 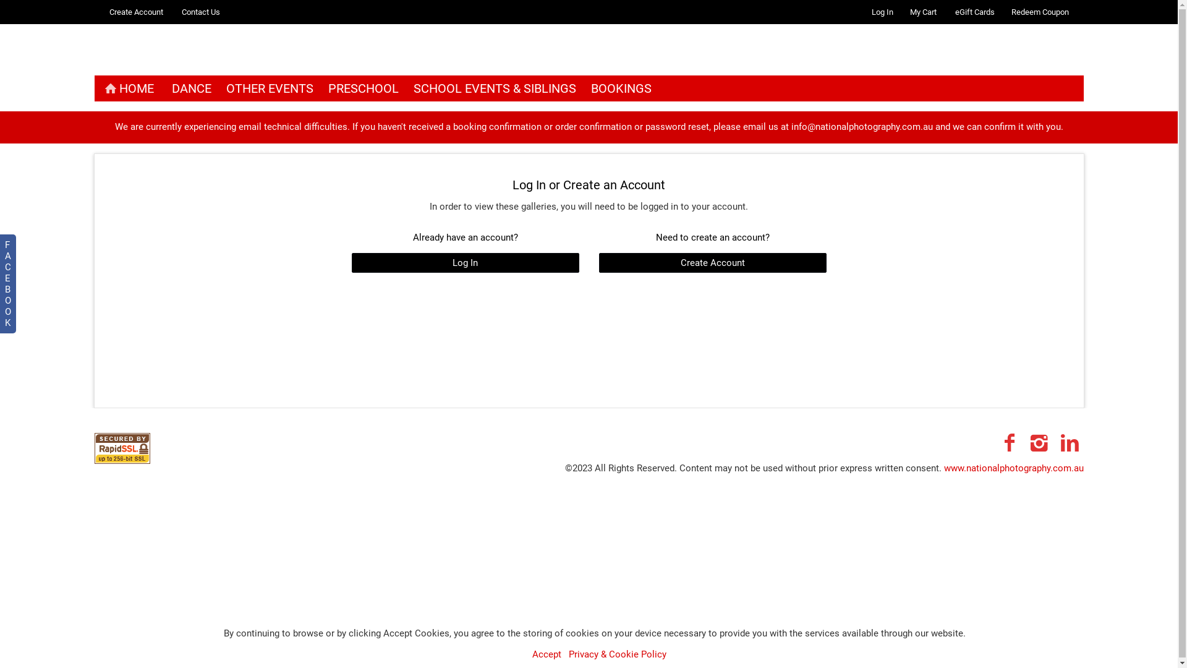 What do you see at coordinates (1039, 442) in the screenshot?
I see `'Instagram'` at bounding box center [1039, 442].